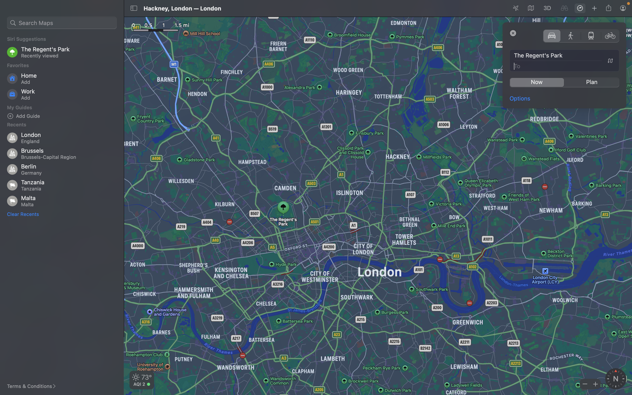 This screenshot has height=395, width=632. I want to click on the "swap dest and source" button to switch the source and destination locations, so click(610, 61).